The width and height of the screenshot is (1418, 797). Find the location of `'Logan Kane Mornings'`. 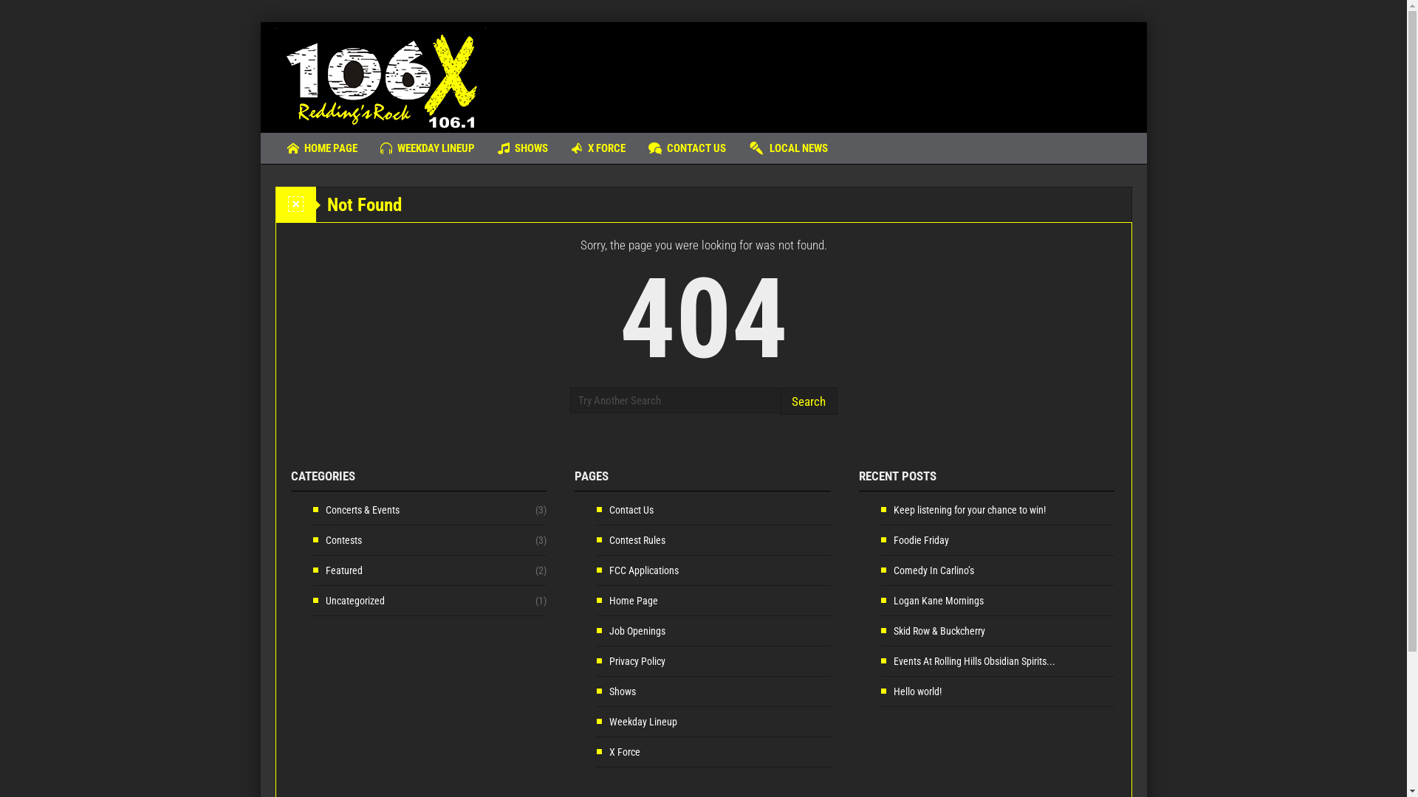

'Logan Kane Mornings' is located at coordinates (931, 600).